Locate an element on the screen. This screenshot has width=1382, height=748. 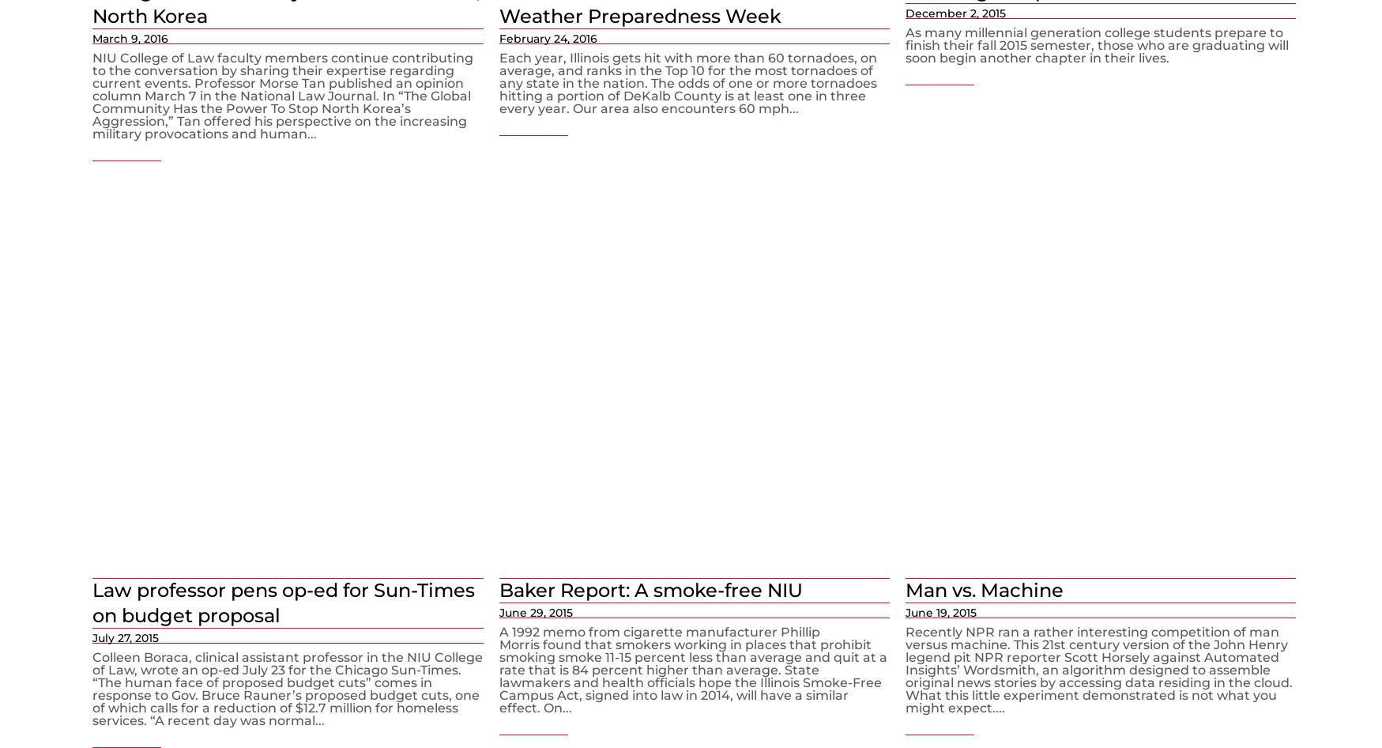
'Colleen Boraca, clinical assistant professor in the NIU College of Law, wrote an op-ed July 23 for the Chicago Sun-Times. “The human face of proposed budget cuts” comes in response to Gov. Bruce Rauner’s proposed budget cuts, one of which calls for a reduction of $12.7 million for homeless services. “A recent day was normal...' is located at coordinates (92, 687).